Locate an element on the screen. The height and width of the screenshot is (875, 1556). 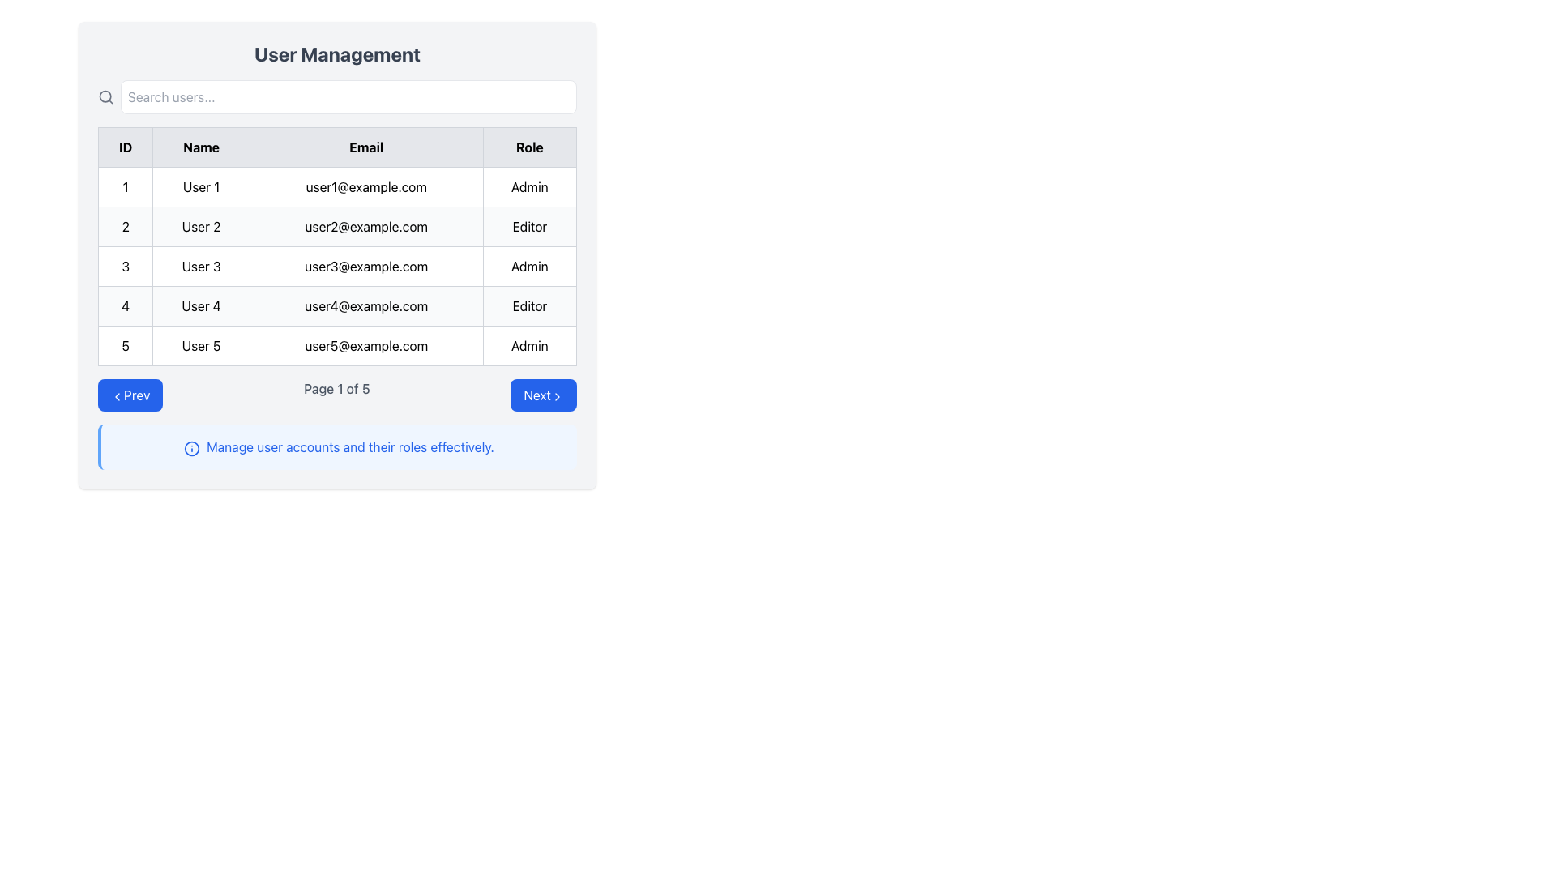
the 'Next' button by clicking on the chevron-shaped icon located towards the bottom-right corner of the display is located at coordinates (557, 396).